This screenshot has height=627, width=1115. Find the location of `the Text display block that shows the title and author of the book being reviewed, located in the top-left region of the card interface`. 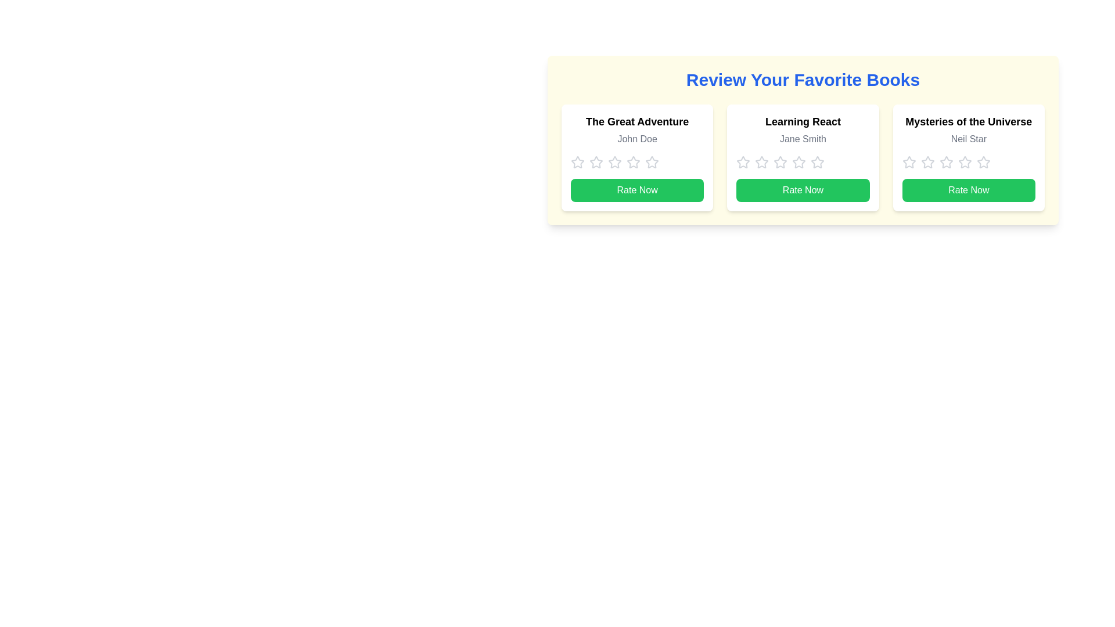

the Text display block that shows the title and author of the book being reviewed, located in the top-left region of the card interface is located at coordinates (636, 131).